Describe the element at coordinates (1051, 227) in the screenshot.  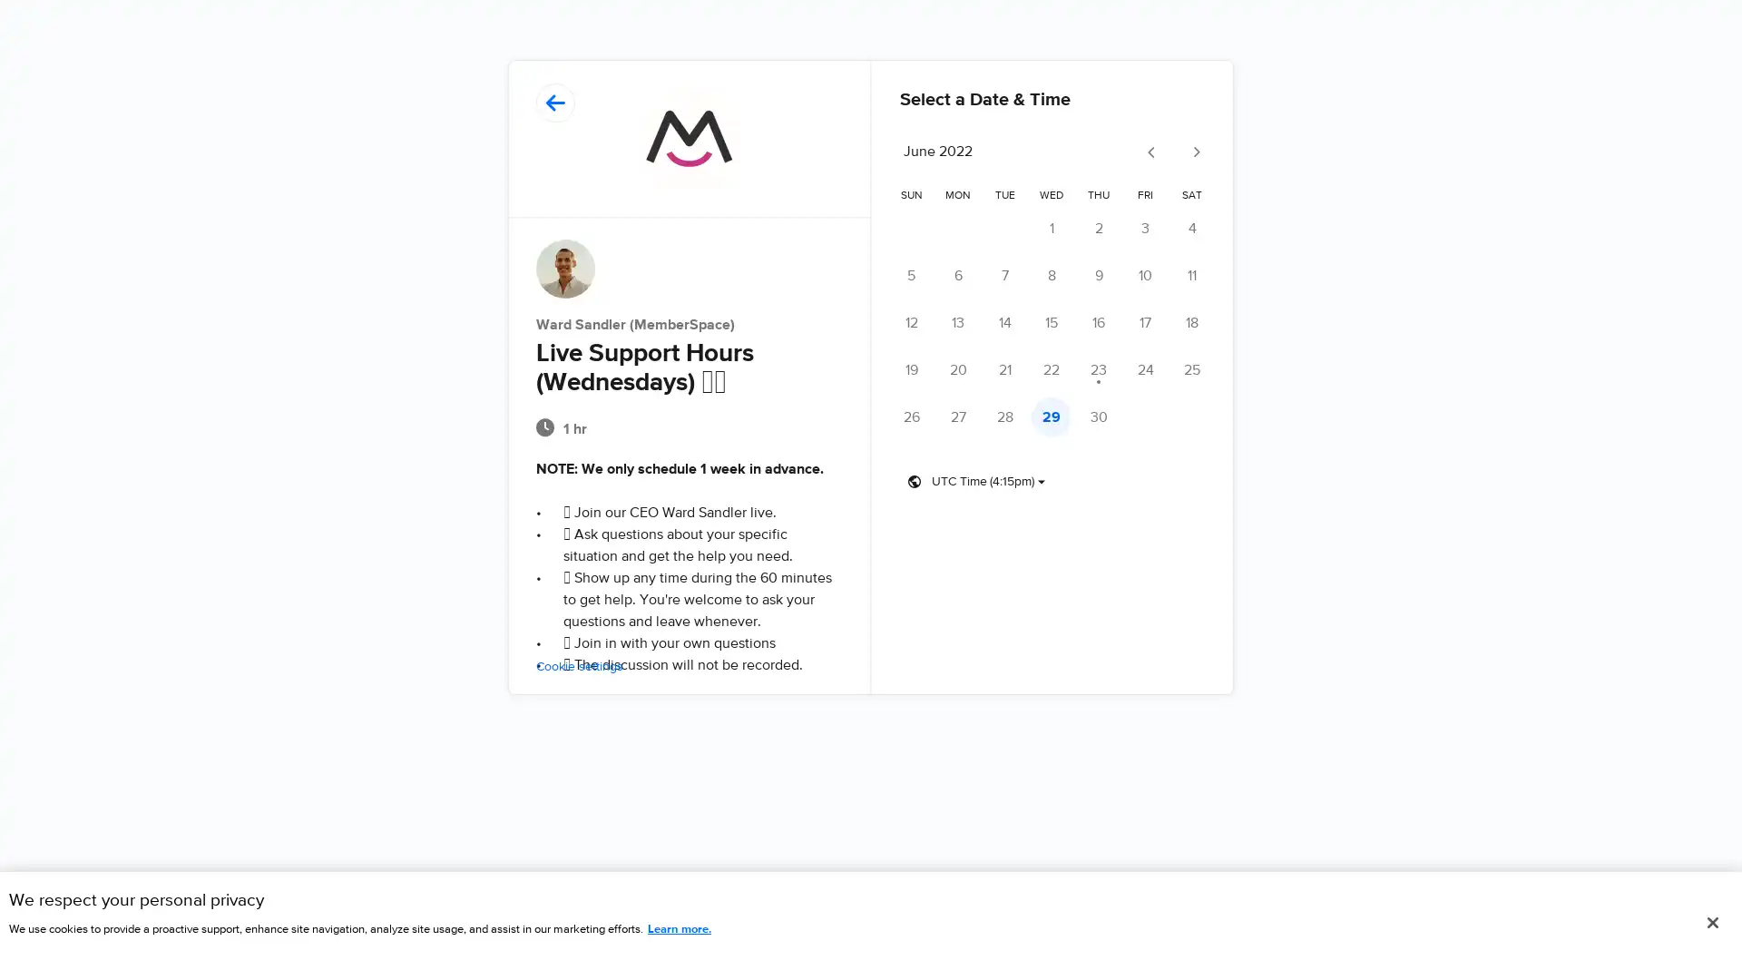
I see `Wednesday, June 1 - No times available` at that location.